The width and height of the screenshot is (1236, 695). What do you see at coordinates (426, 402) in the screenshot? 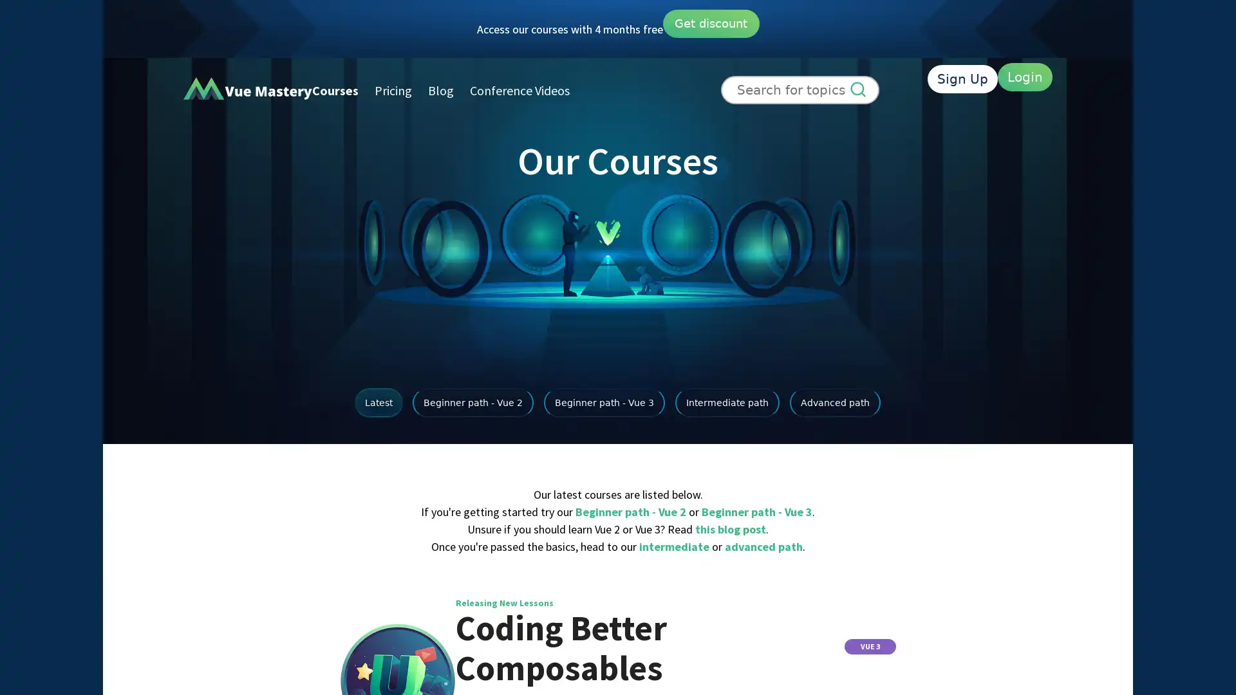
I see `Beginner path - Vue 2` at bounding box center [426, 402].